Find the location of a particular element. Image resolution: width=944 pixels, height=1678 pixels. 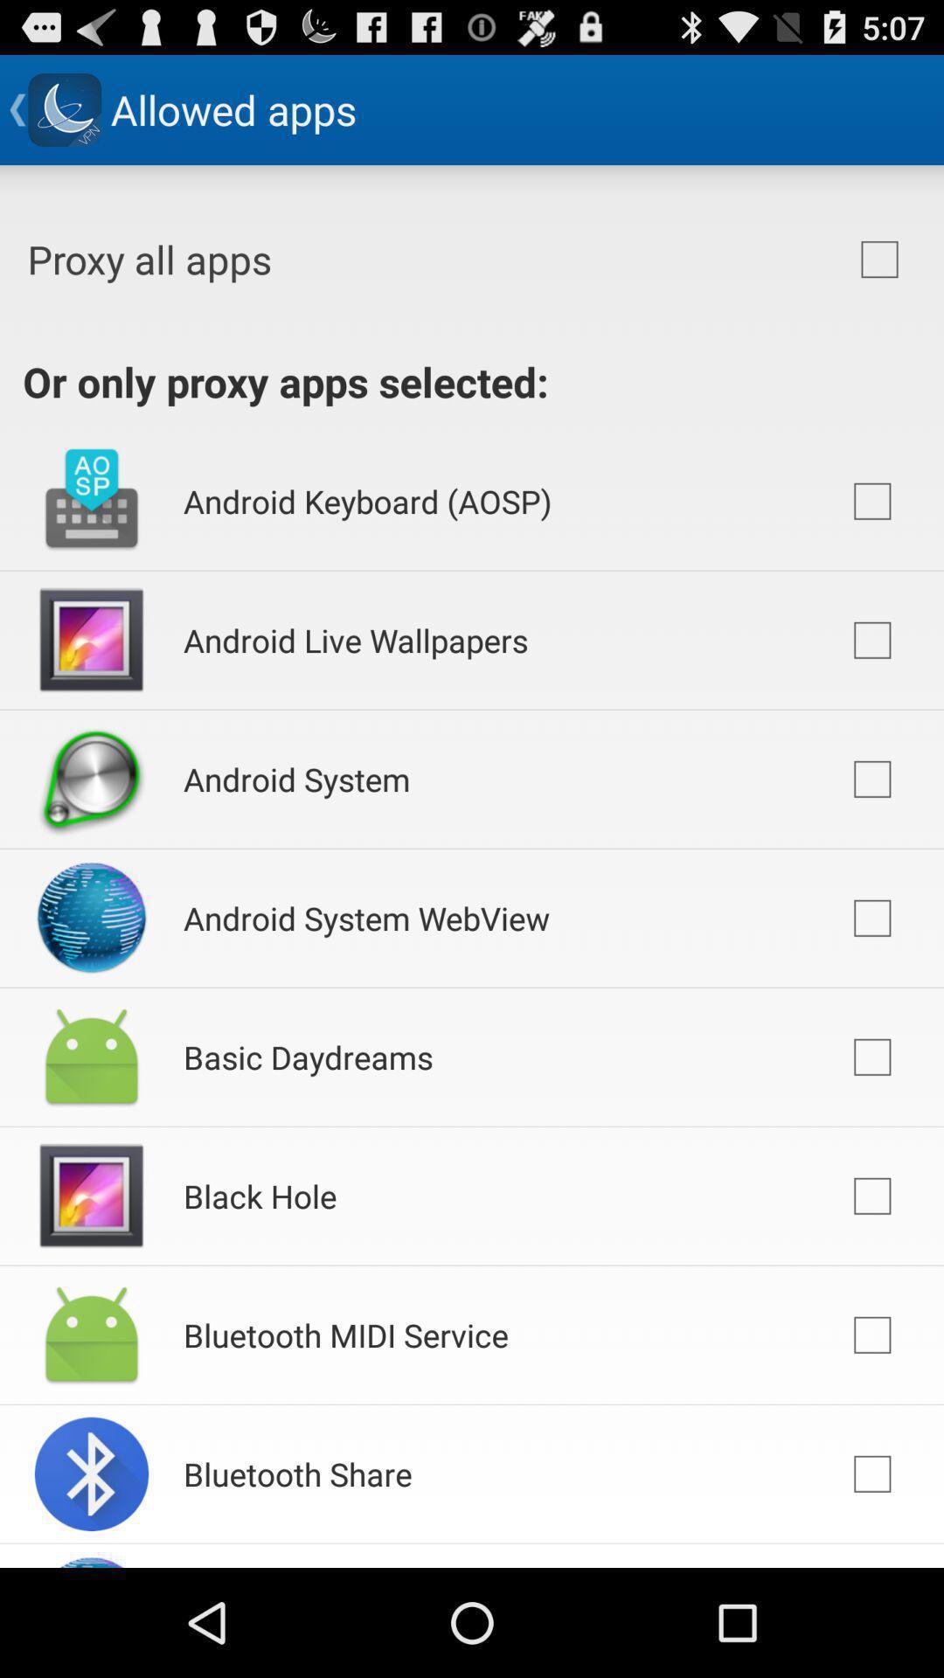

the app above the bluetooth share is located at coordinates (346, 1334).